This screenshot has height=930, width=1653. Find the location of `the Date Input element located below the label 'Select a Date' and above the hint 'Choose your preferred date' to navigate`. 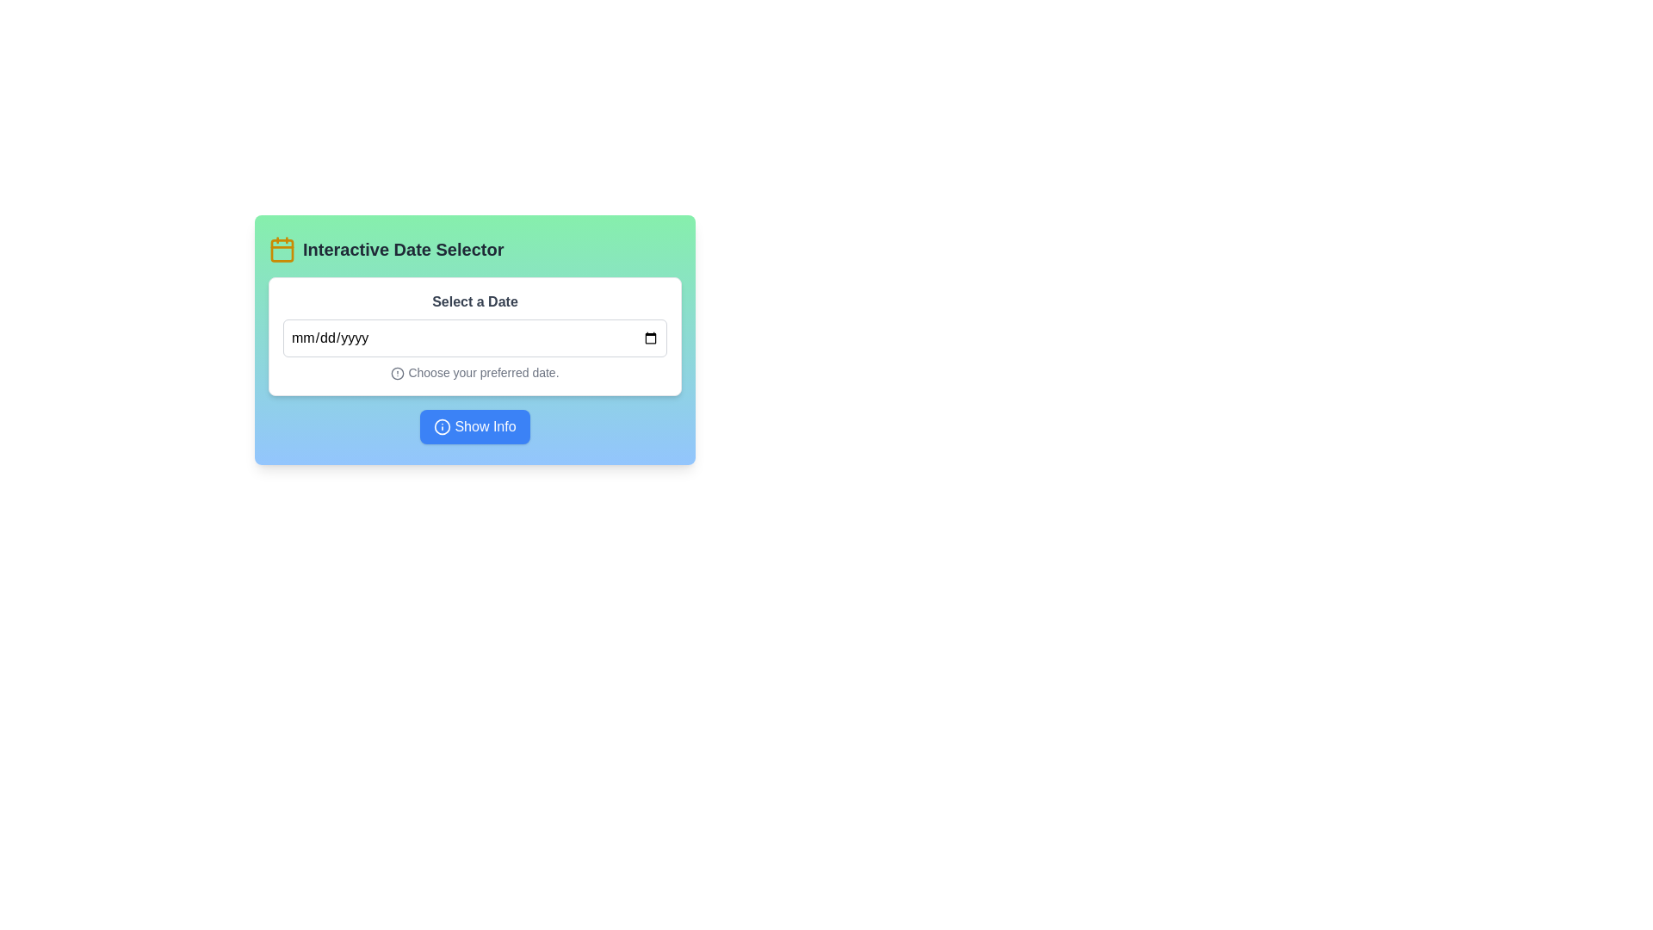

the Date Input element located below the label 'Select a Date' and above the hint 'Choose your preferred date' to navigate is located at coordinates (475, 338).